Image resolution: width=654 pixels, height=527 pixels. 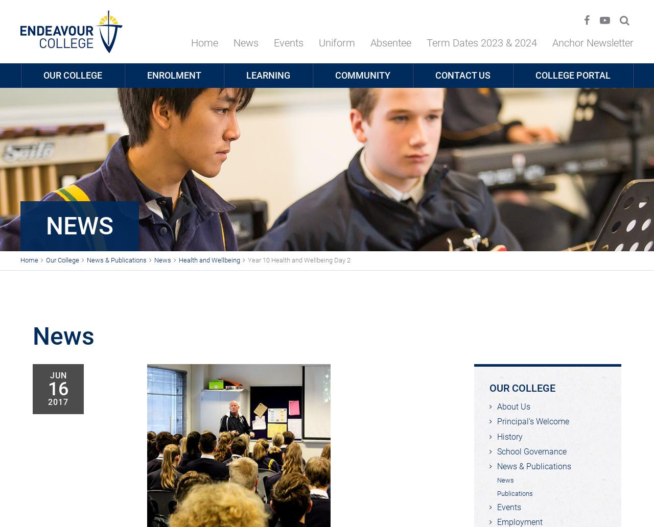 I want to click on 'Principal’s Welcome', so click(x=532, y=421).